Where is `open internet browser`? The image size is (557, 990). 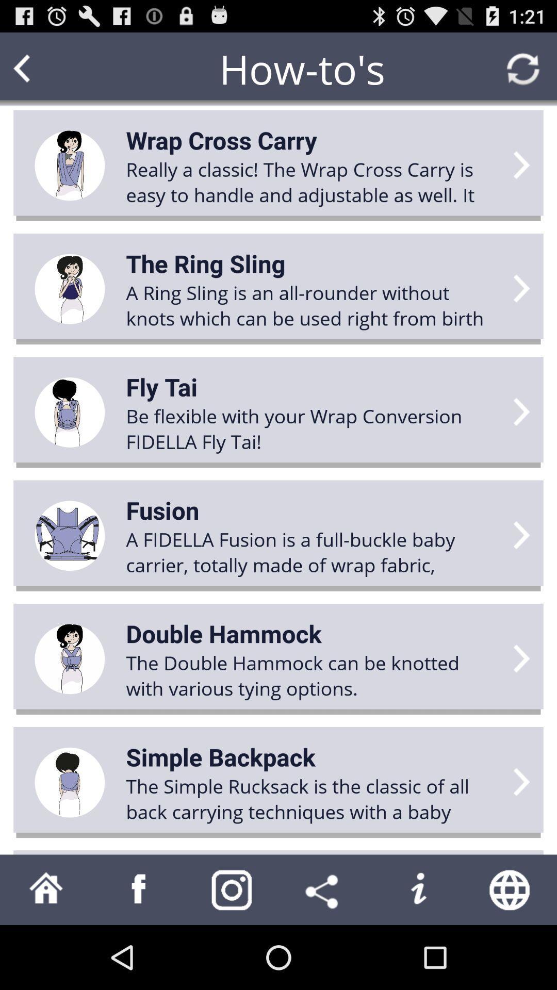 open internet browser is located at coordinates (511, 889).